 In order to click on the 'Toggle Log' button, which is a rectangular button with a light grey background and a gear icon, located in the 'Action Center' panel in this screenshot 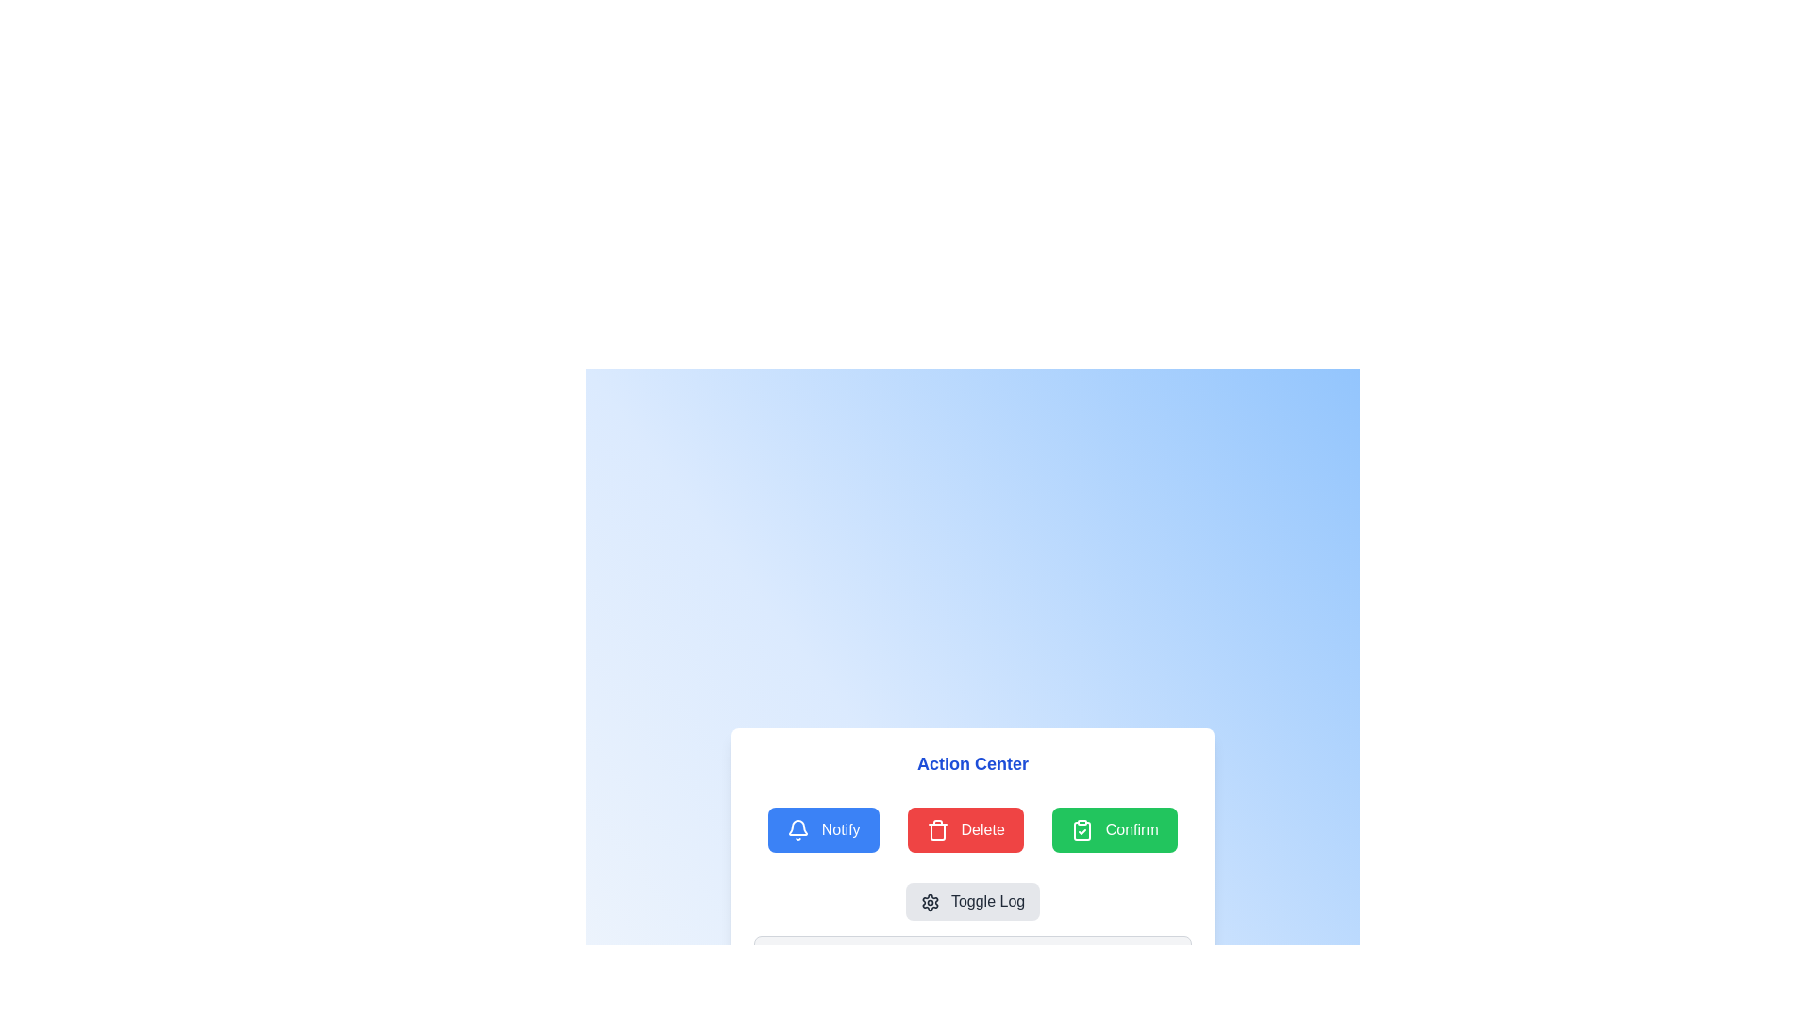, I will do `click(973, 901)`.